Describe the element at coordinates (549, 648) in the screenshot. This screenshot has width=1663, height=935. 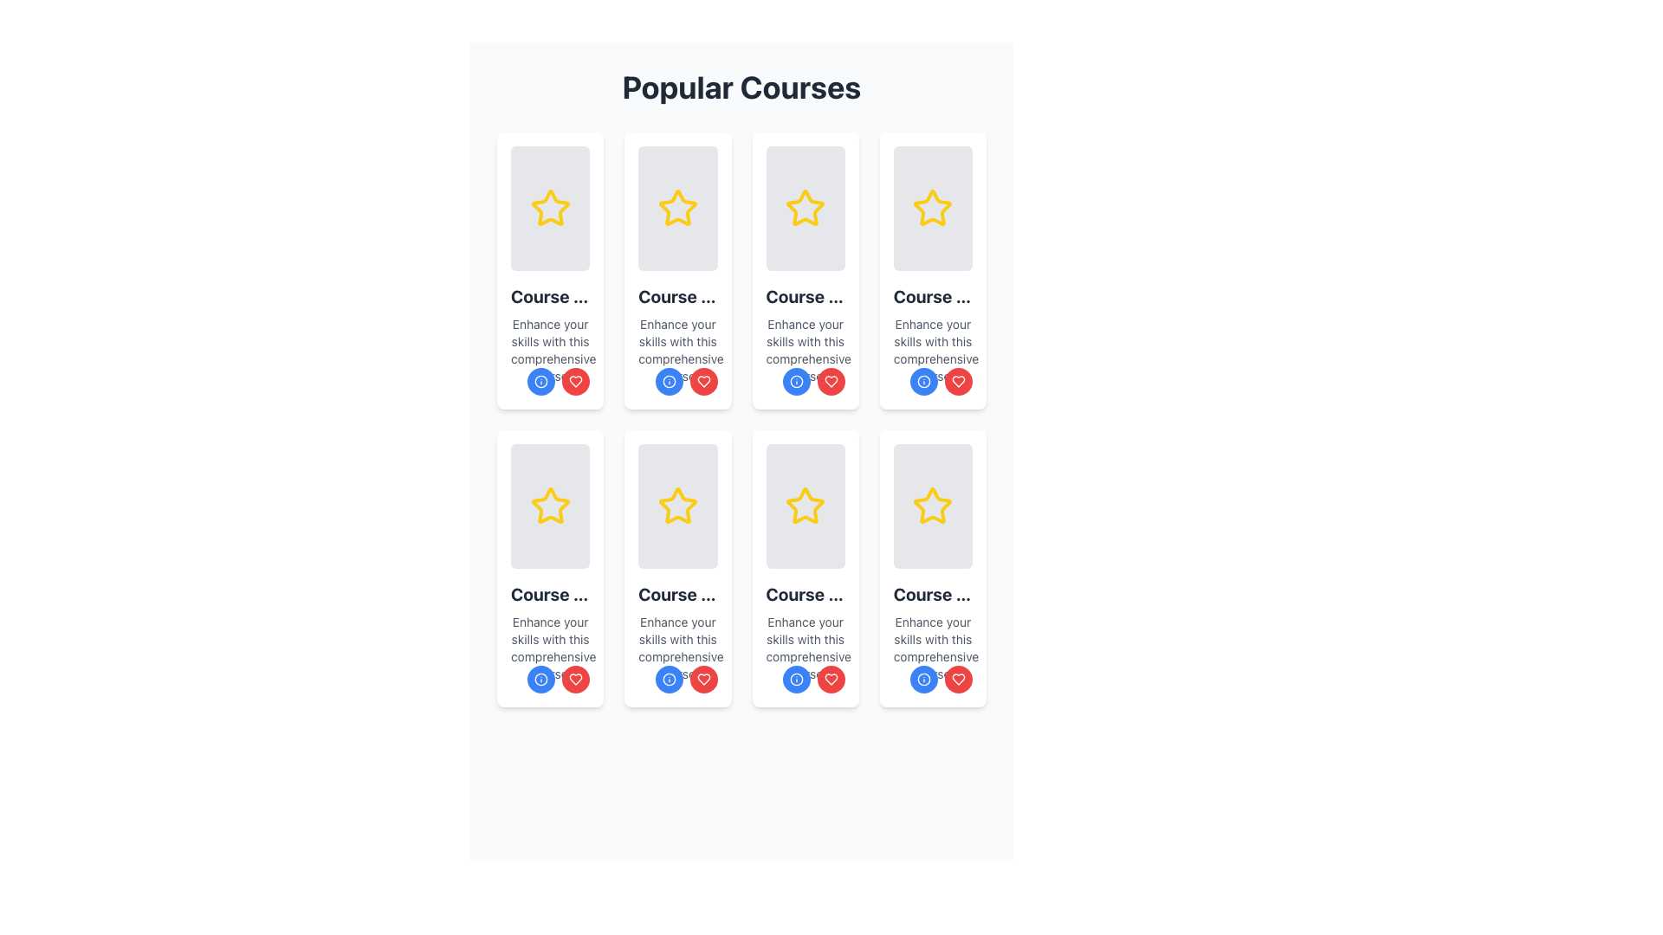
I see `text content of the Text Block located within the second row of the popular courses grid, positioned below the course title and above the action buttons` at that location.